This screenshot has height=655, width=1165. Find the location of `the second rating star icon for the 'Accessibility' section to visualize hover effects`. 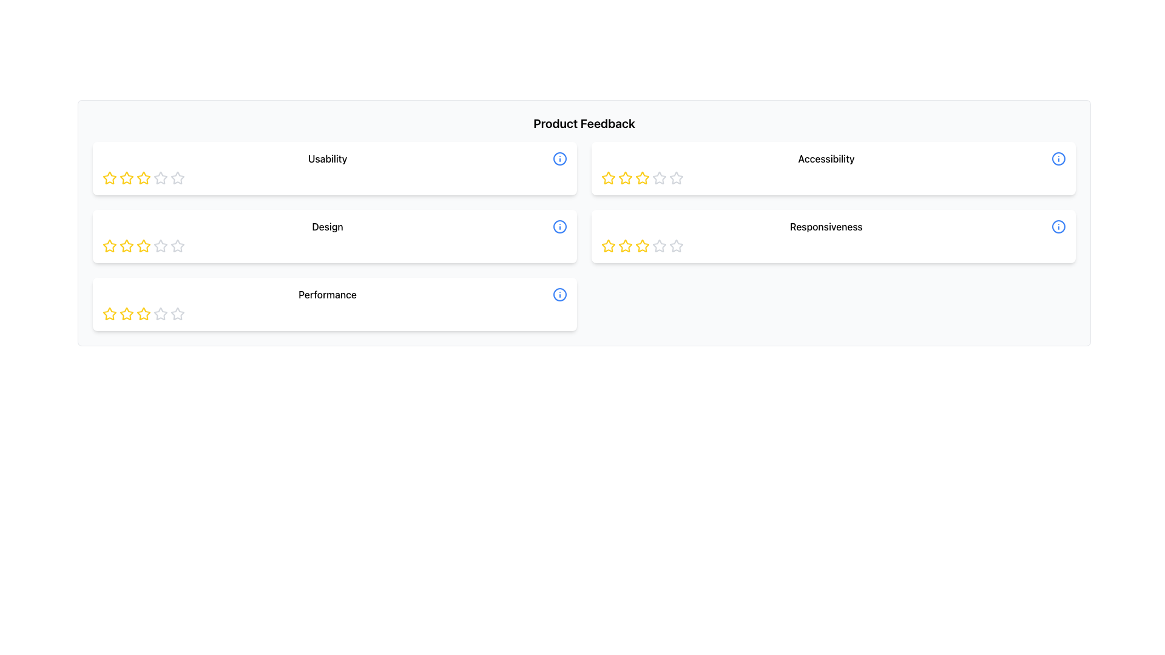

the second rating star icon for the 'Accessibility' section to visualize hover effects is located at coordinates (626, 178).